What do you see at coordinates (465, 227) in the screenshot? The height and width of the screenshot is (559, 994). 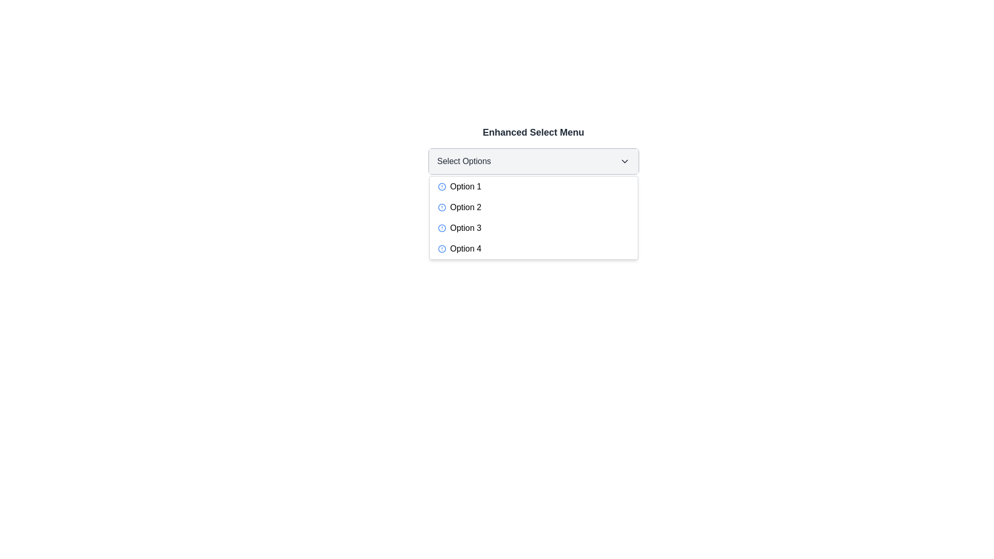 I see `the text label for 'Option 3' in the dropdown menu` at bounding box center [465, 227].